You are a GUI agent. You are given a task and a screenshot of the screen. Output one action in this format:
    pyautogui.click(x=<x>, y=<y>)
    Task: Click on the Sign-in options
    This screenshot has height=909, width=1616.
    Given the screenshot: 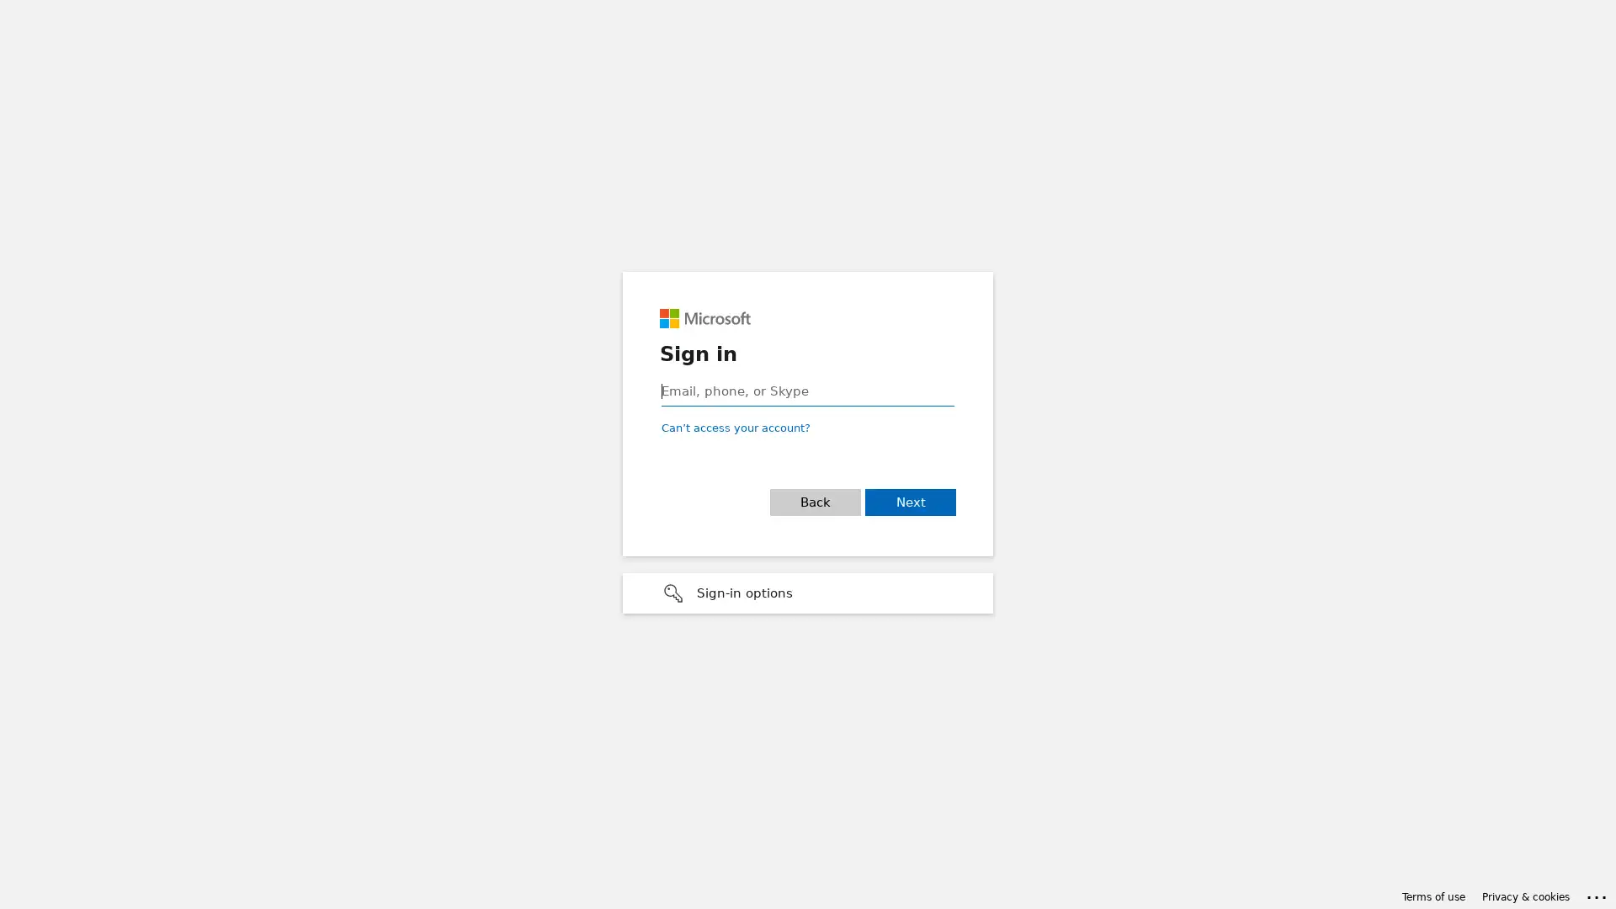 What is the action you would take?
    pyautogui.click(x=808, y=593)
    